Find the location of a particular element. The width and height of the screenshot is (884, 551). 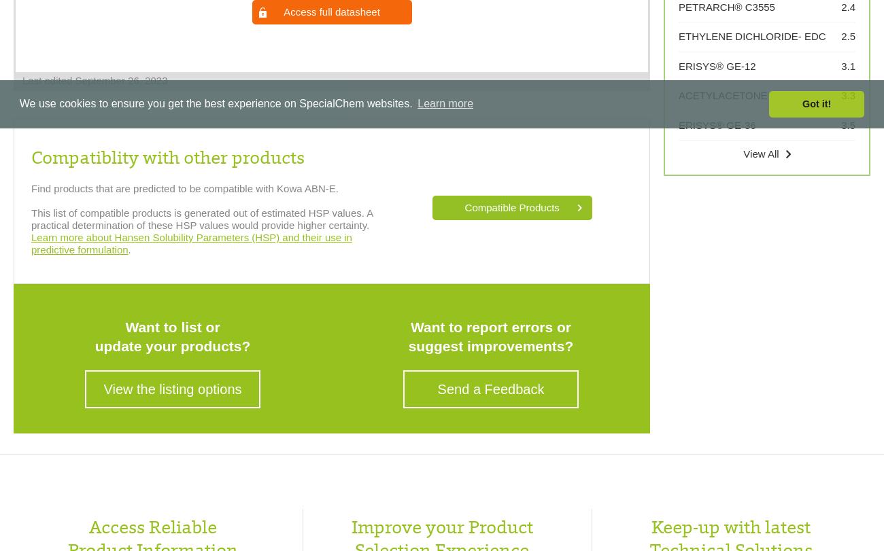

'3.1' is located at coordinates (847, 65).